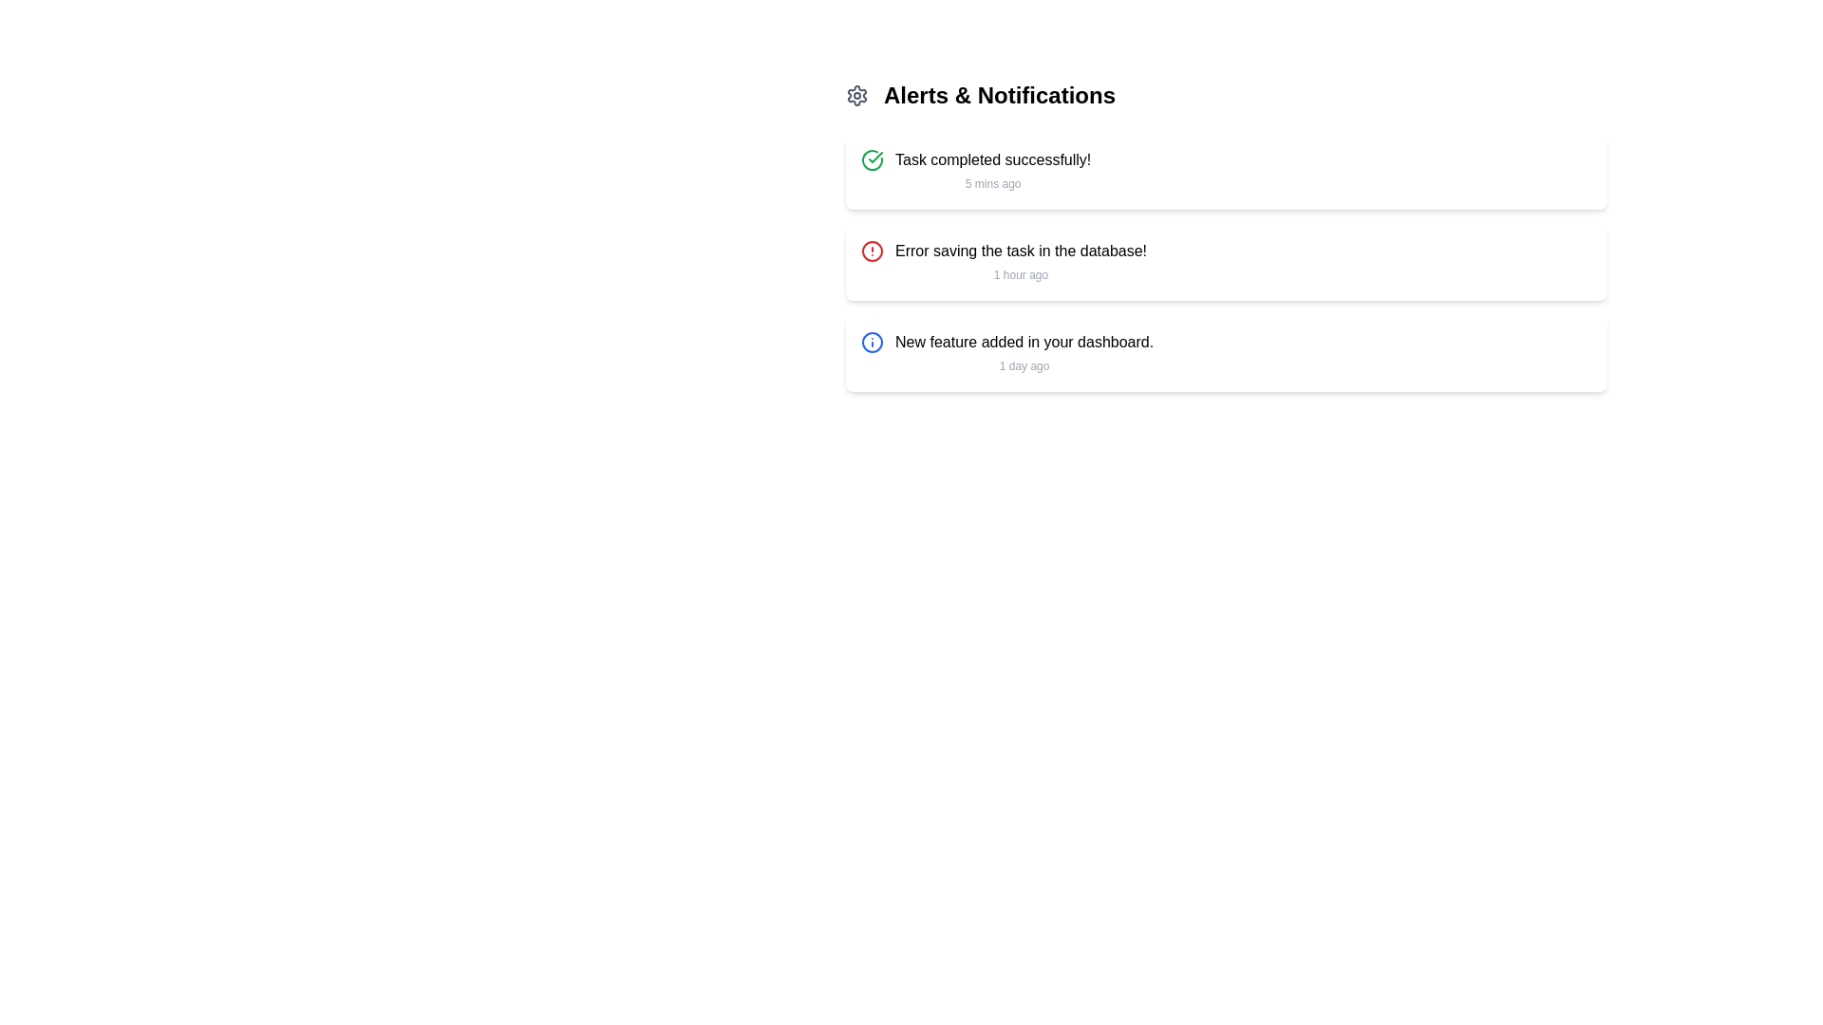 The image size is (1823, 1025). What do you see at coordinates (871, 343) in the screenshot?
I see `the circular shape with a blue border located within the SVG icon representing alerts and notifications, positioned at the center of the icon` at bounding box center [871, 343].